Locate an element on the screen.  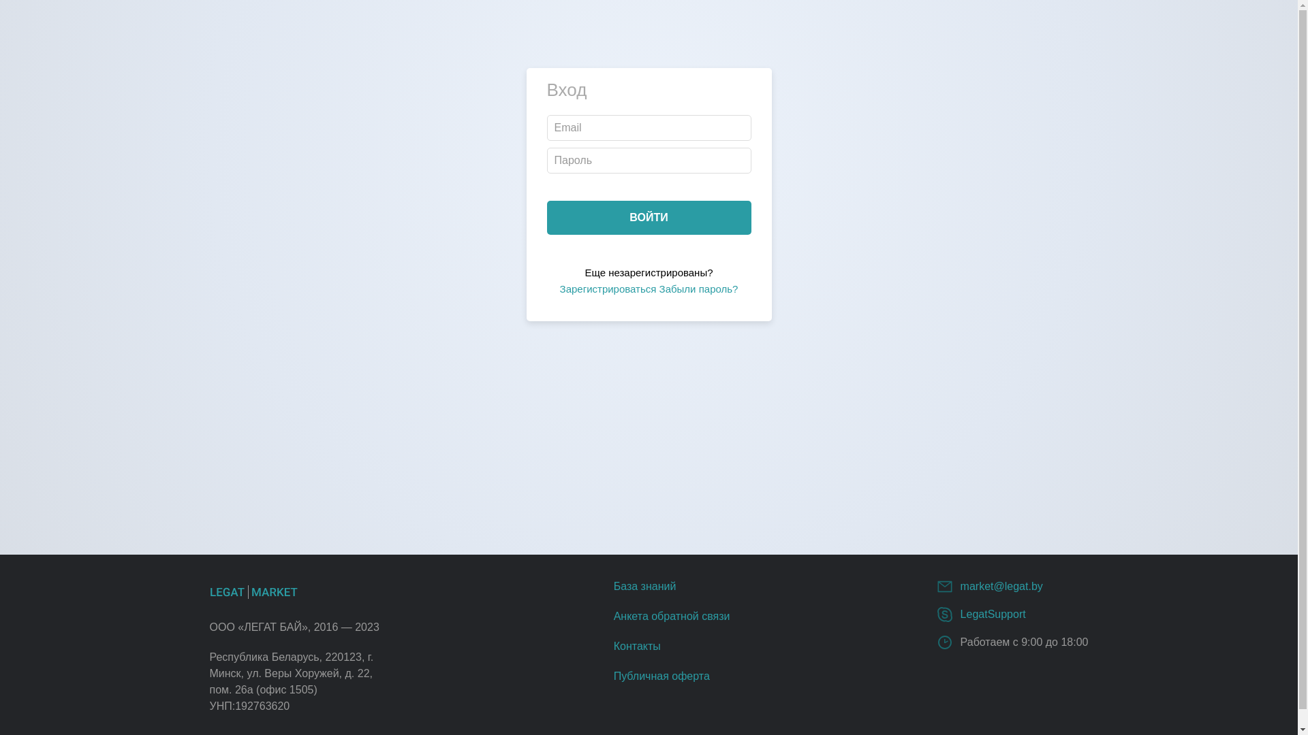
'LegatSupport' is located at coordinates (993, 614).